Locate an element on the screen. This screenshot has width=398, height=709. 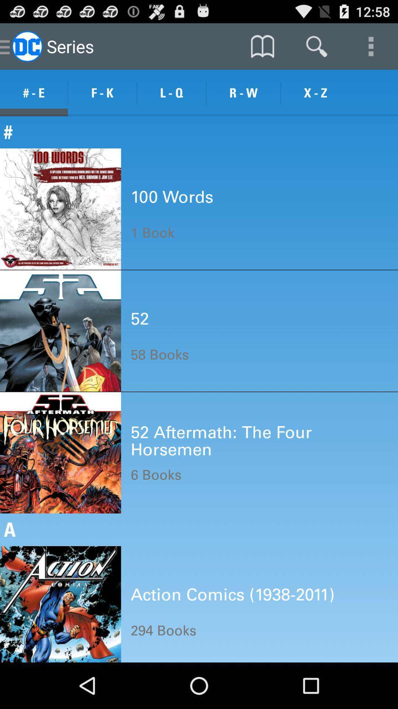
the a is located at coordinates (199, 529).